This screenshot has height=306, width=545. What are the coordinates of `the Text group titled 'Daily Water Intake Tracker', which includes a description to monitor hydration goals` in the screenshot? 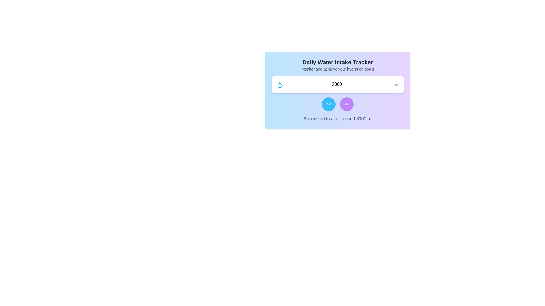 It's located at (338, 65).